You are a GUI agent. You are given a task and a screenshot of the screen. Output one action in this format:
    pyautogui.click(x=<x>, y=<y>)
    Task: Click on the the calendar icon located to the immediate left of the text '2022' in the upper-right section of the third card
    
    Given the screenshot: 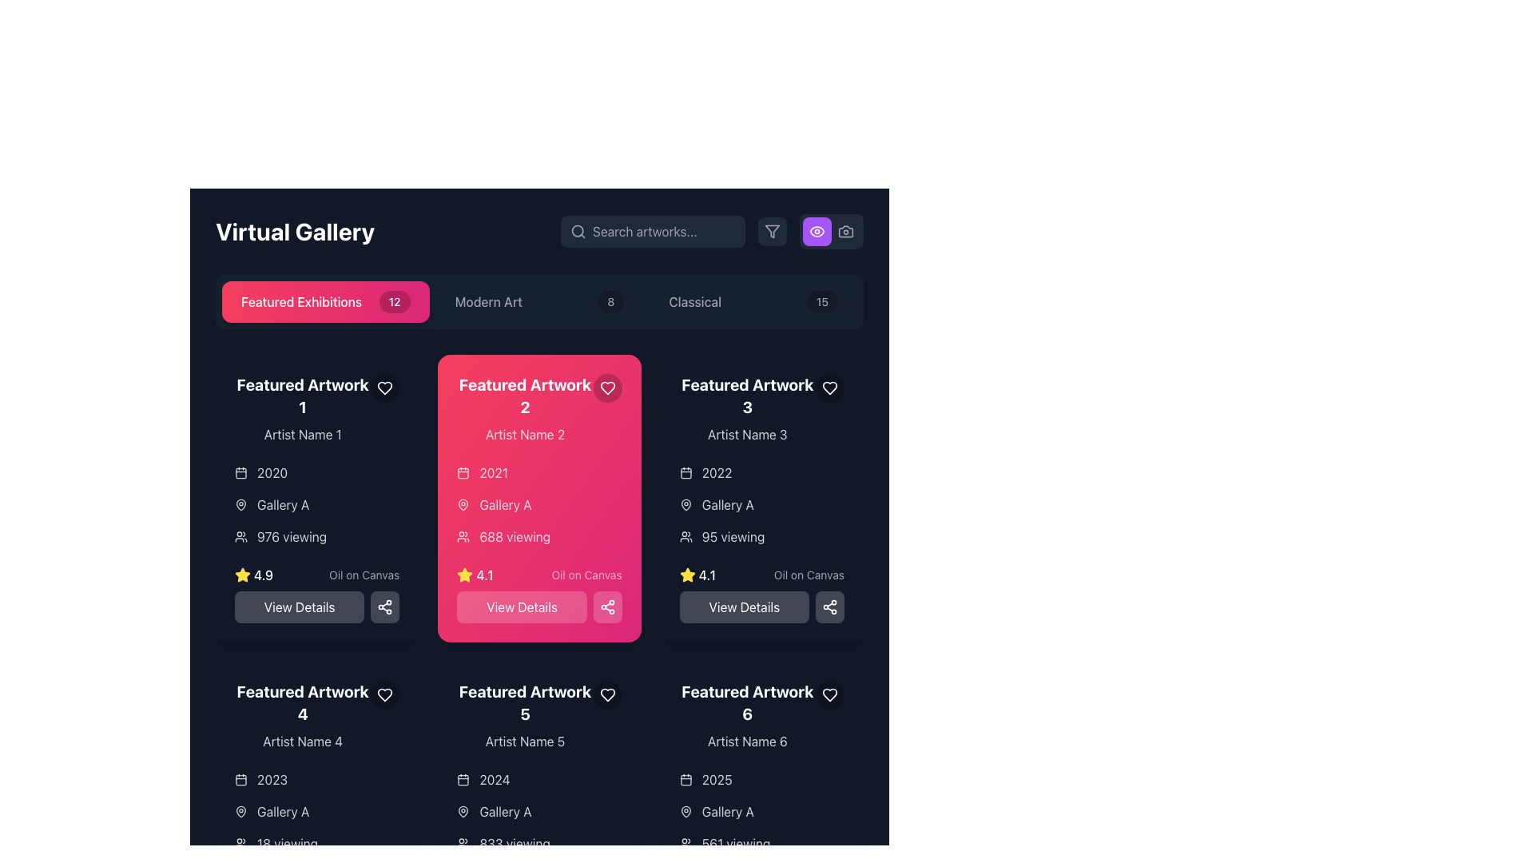 What is the action you would take?
    pyautogui.click(x=686, y=471)
    